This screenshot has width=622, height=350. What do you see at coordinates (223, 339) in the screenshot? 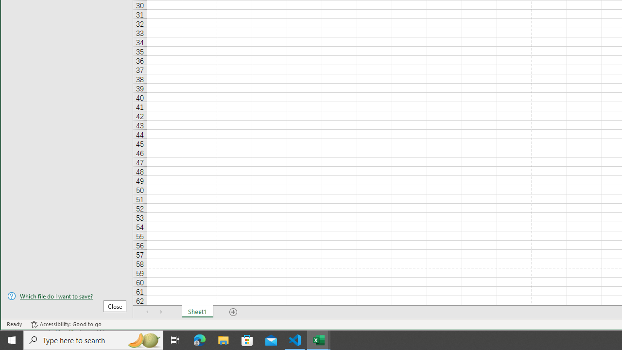
I see `'File Explorer'` at bounding box center [223, 339].